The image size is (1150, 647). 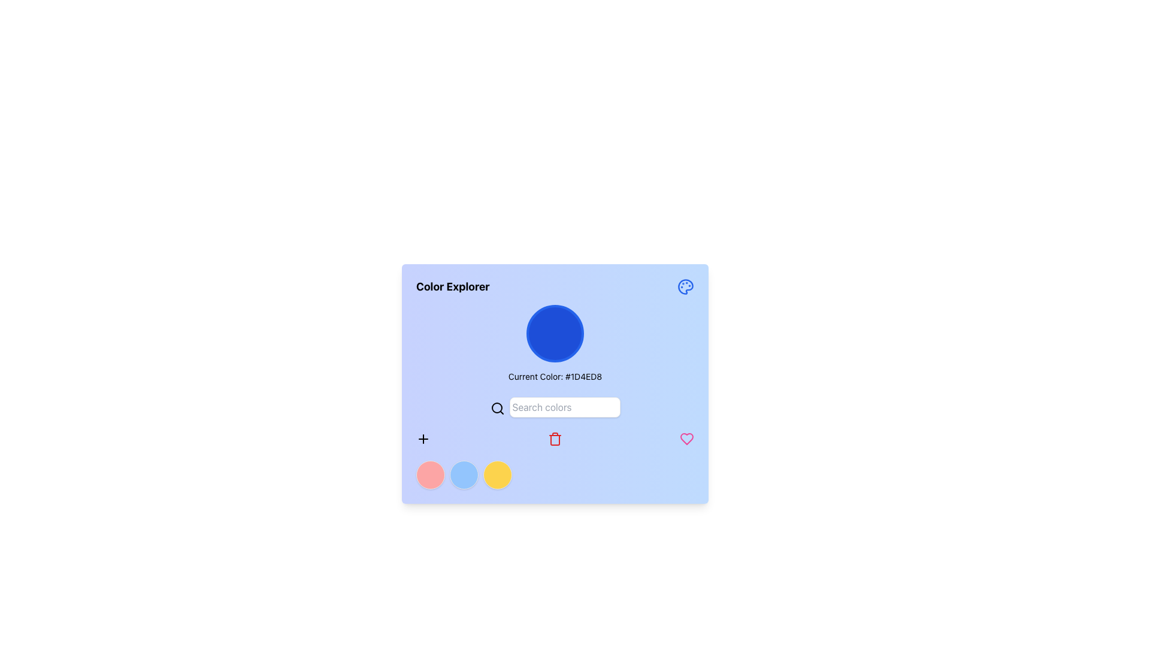 What do you see at coordinates (497, 407) in the screenshot?
I see `the small search icon represented by a magnifying glass symbol, located to the left of the 'Search colors' text input field, to initiate the search operation` at bounding box center [497, 407].